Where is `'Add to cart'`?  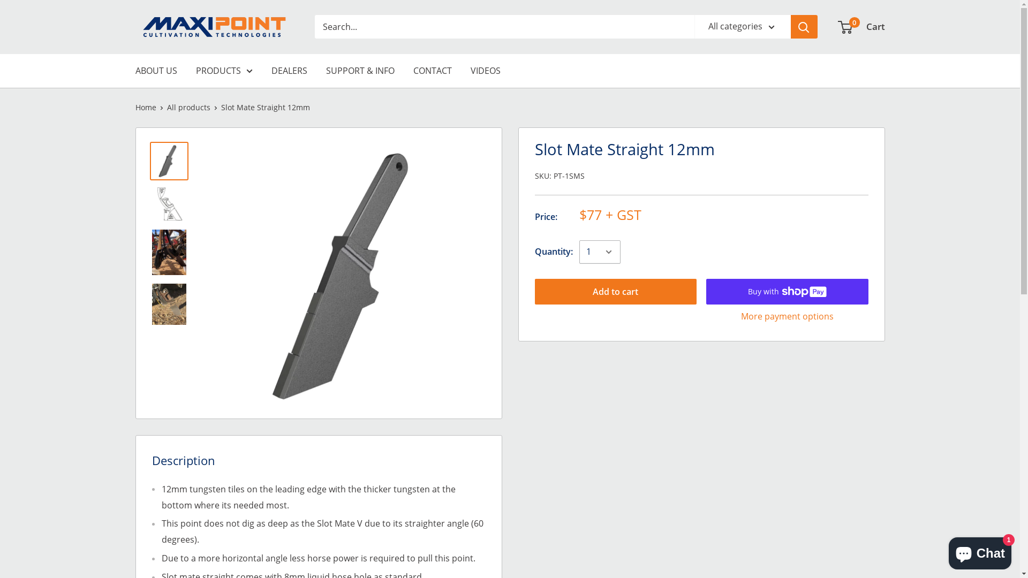 'Add to cart' is located at coordinates (615, 291).